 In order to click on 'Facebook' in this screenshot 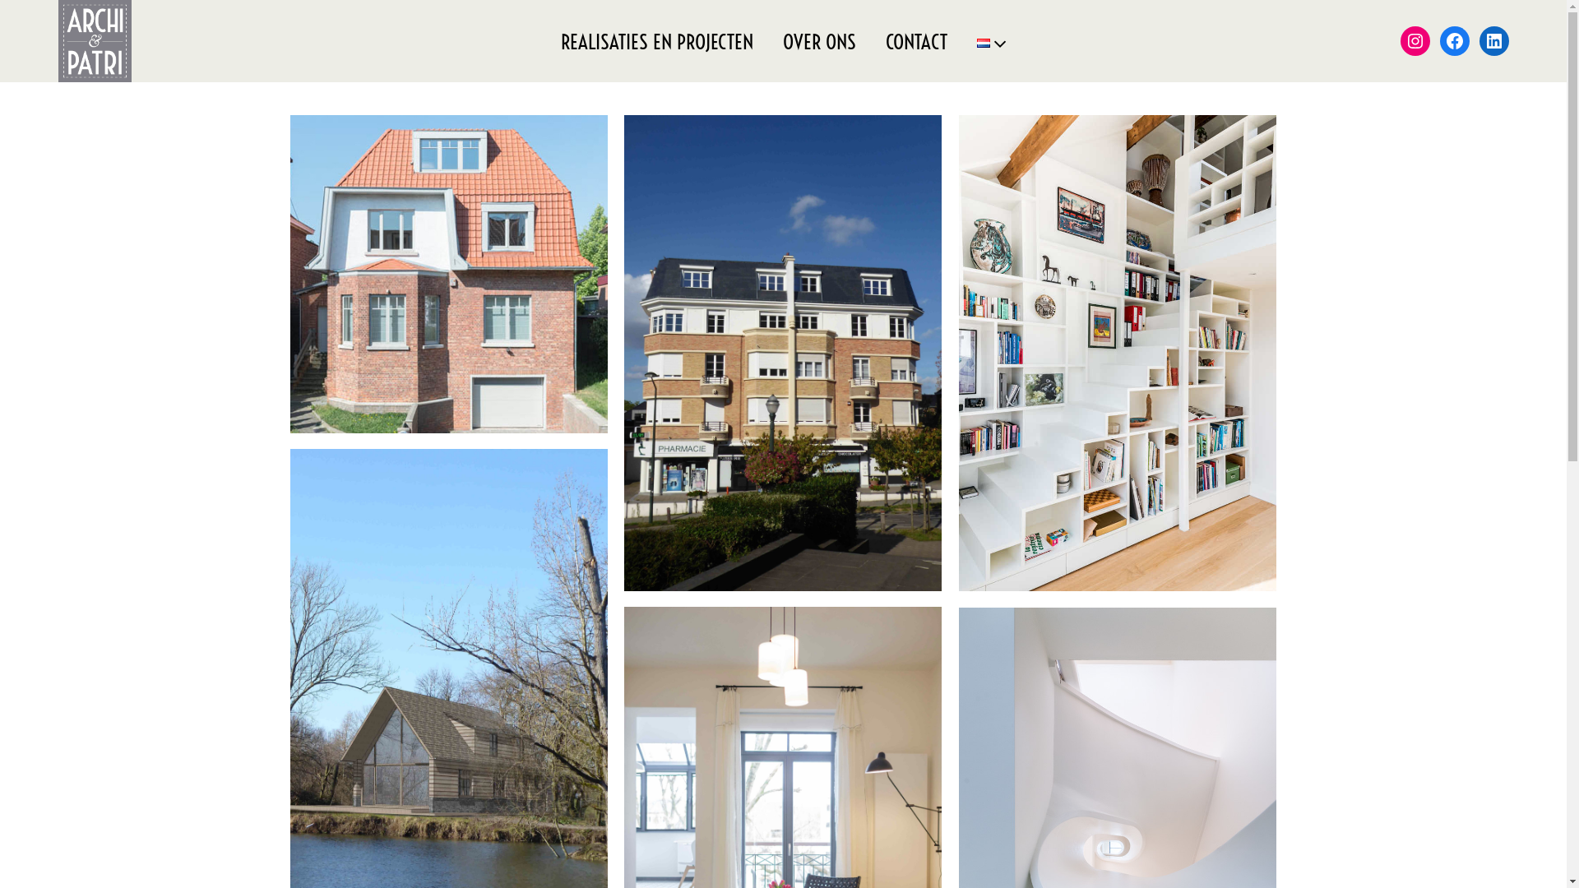, I will do `click(1455, 40)`.